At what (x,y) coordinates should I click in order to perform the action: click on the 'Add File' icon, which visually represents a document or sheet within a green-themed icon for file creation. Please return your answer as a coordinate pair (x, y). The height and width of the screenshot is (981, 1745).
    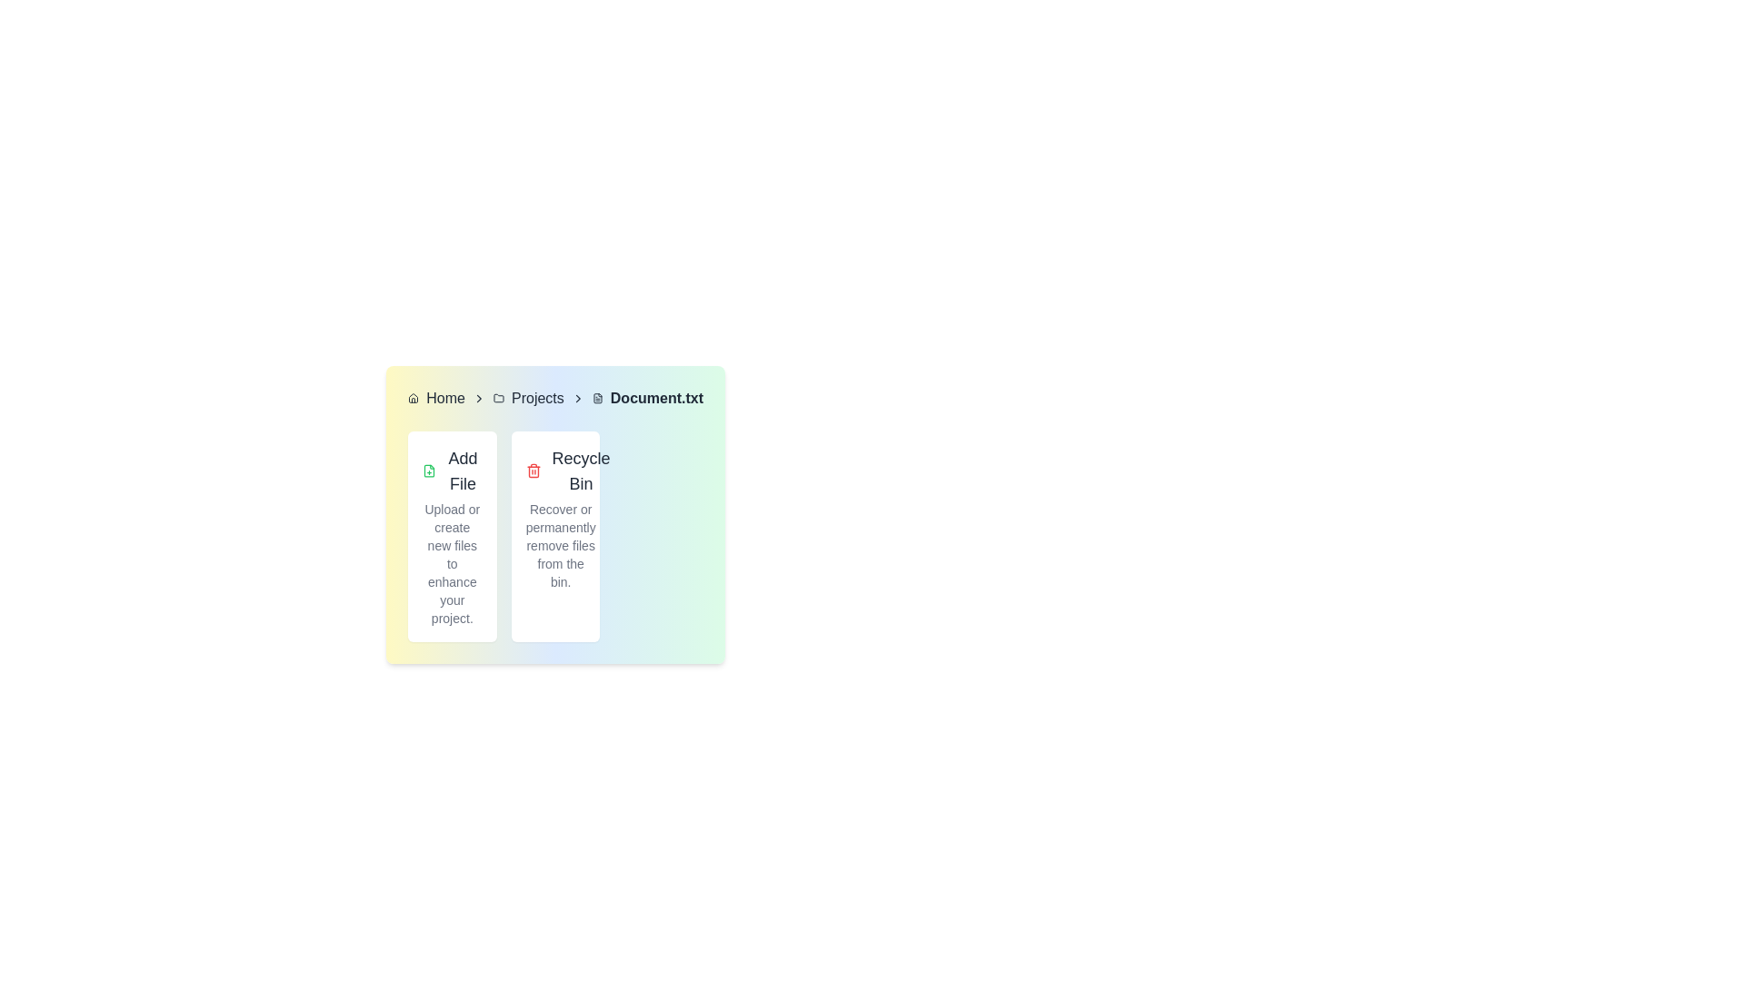
    Looking at the image, I should click on (428, 471).